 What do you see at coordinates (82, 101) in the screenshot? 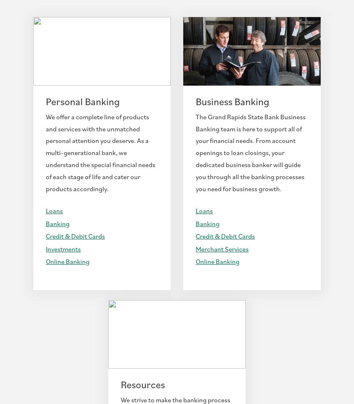
I see `'Personal Banking'` at bounding box center [82, 101].